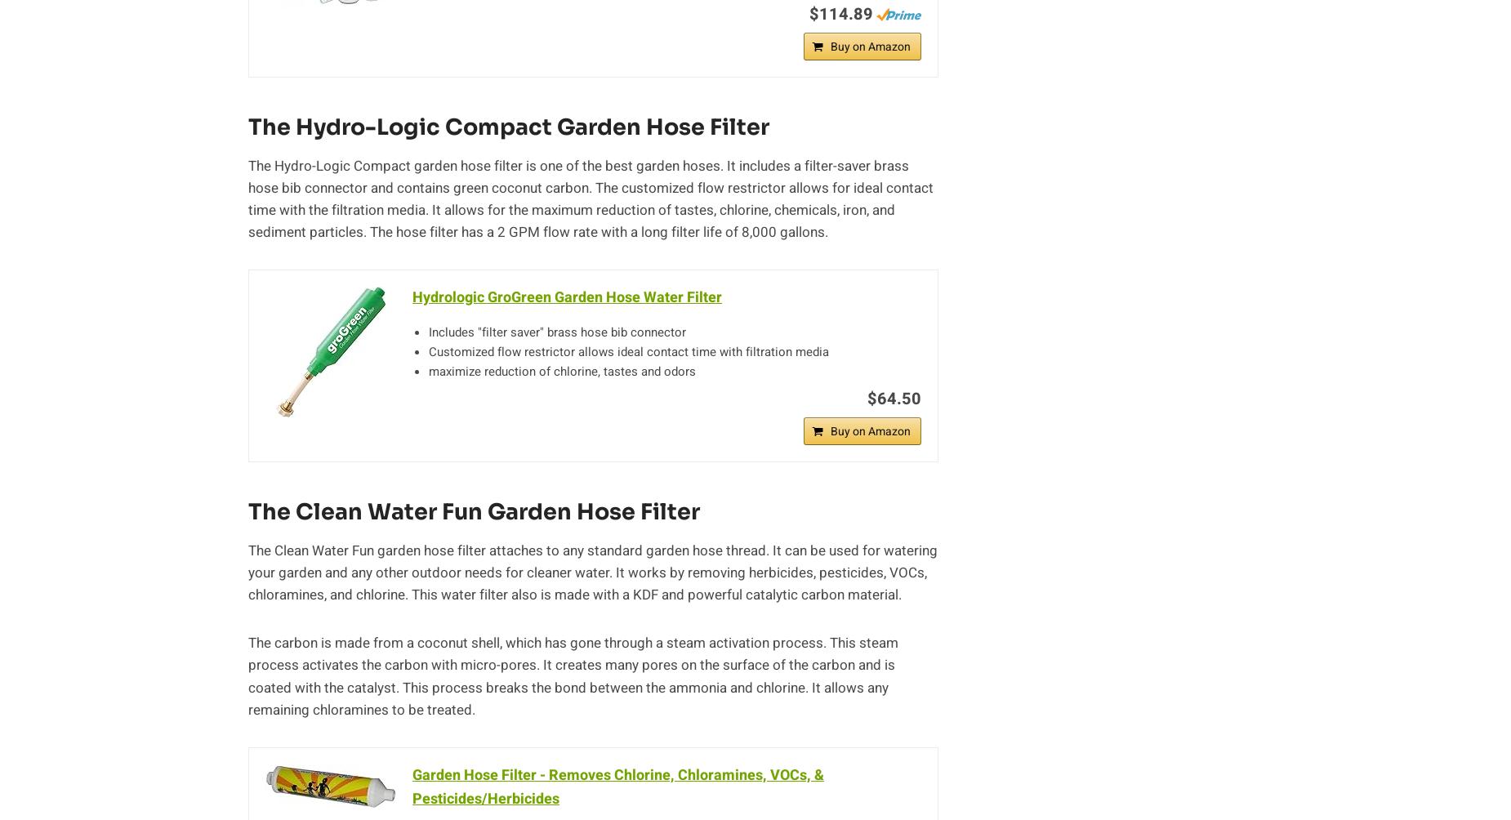 The image size is (1511, 820). What do you see at coordinates (567, 297) in the screenshot?
I see `'Hydrologic GroGreen Garden Hose Water Filter'` at bounding box center [567, 297].